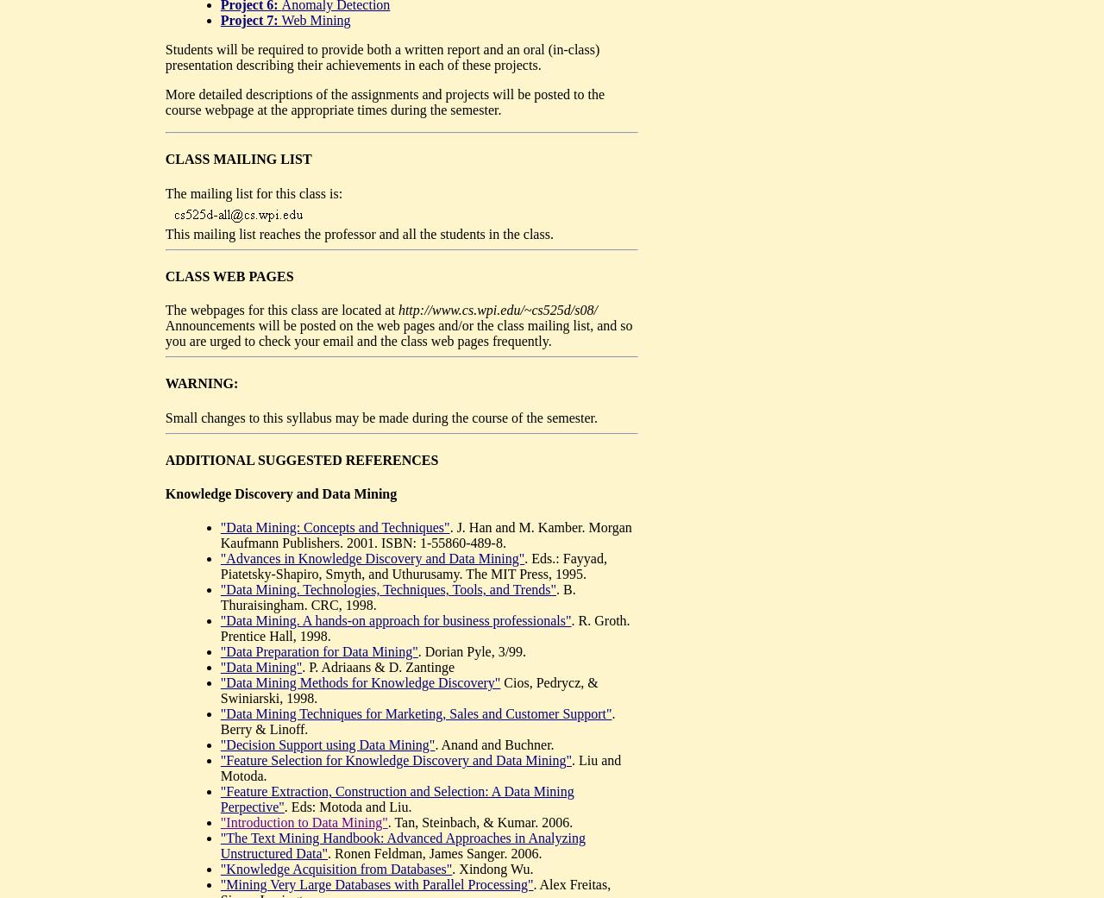 The width and height of the screenshot is (1104, 898). What do you see at coordinates (387, 588) in the screenshot?
I see `'"Data Mining. Technologies, Techniques, Tools, and Trends"'` at bounding box center [387, 588].